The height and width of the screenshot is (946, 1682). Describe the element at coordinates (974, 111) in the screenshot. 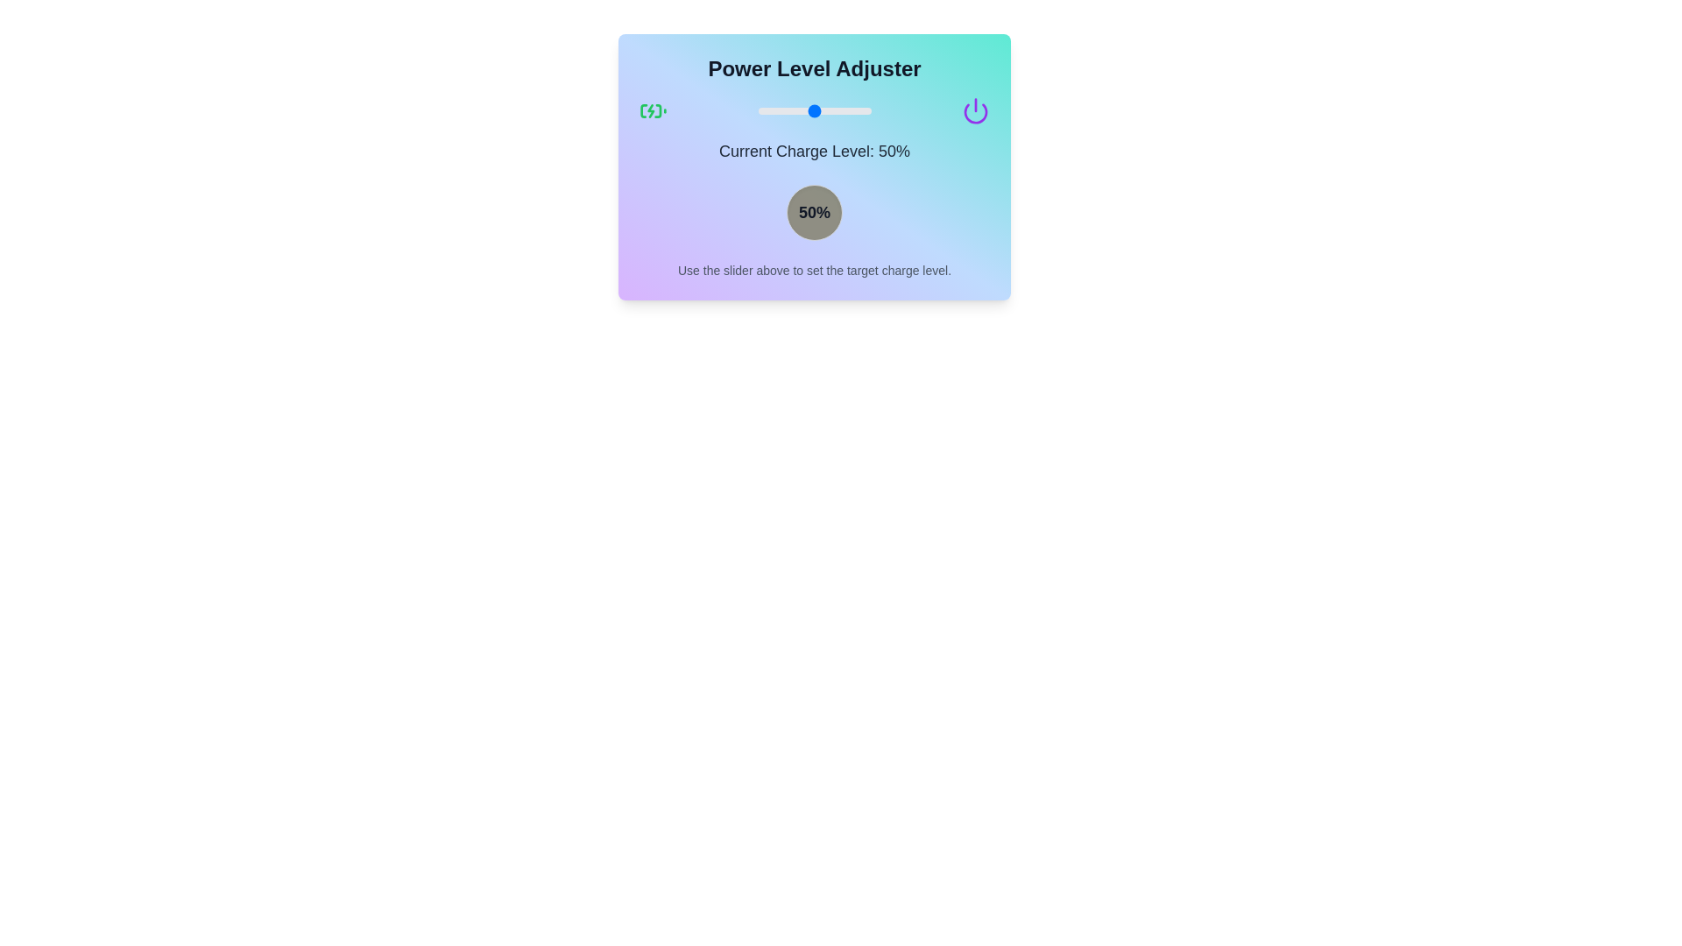

I see `the power icon located in the upper-right section of the 'Power Level Adjuster' component` at that location.